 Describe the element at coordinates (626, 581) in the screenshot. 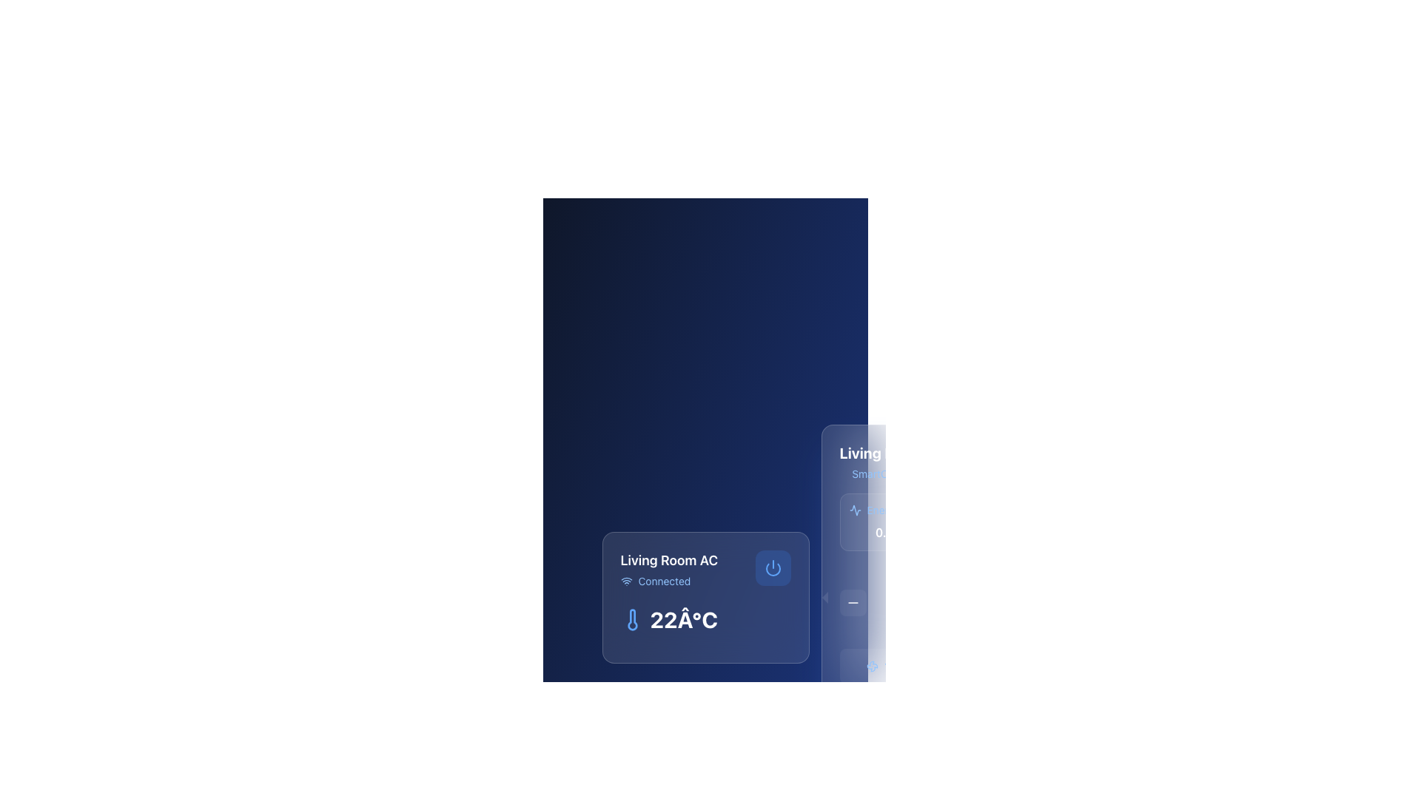

I see `the Wi-Fi icon that indicates the status of the wireless connection, located to the left of the text 'Connected'` at that location.